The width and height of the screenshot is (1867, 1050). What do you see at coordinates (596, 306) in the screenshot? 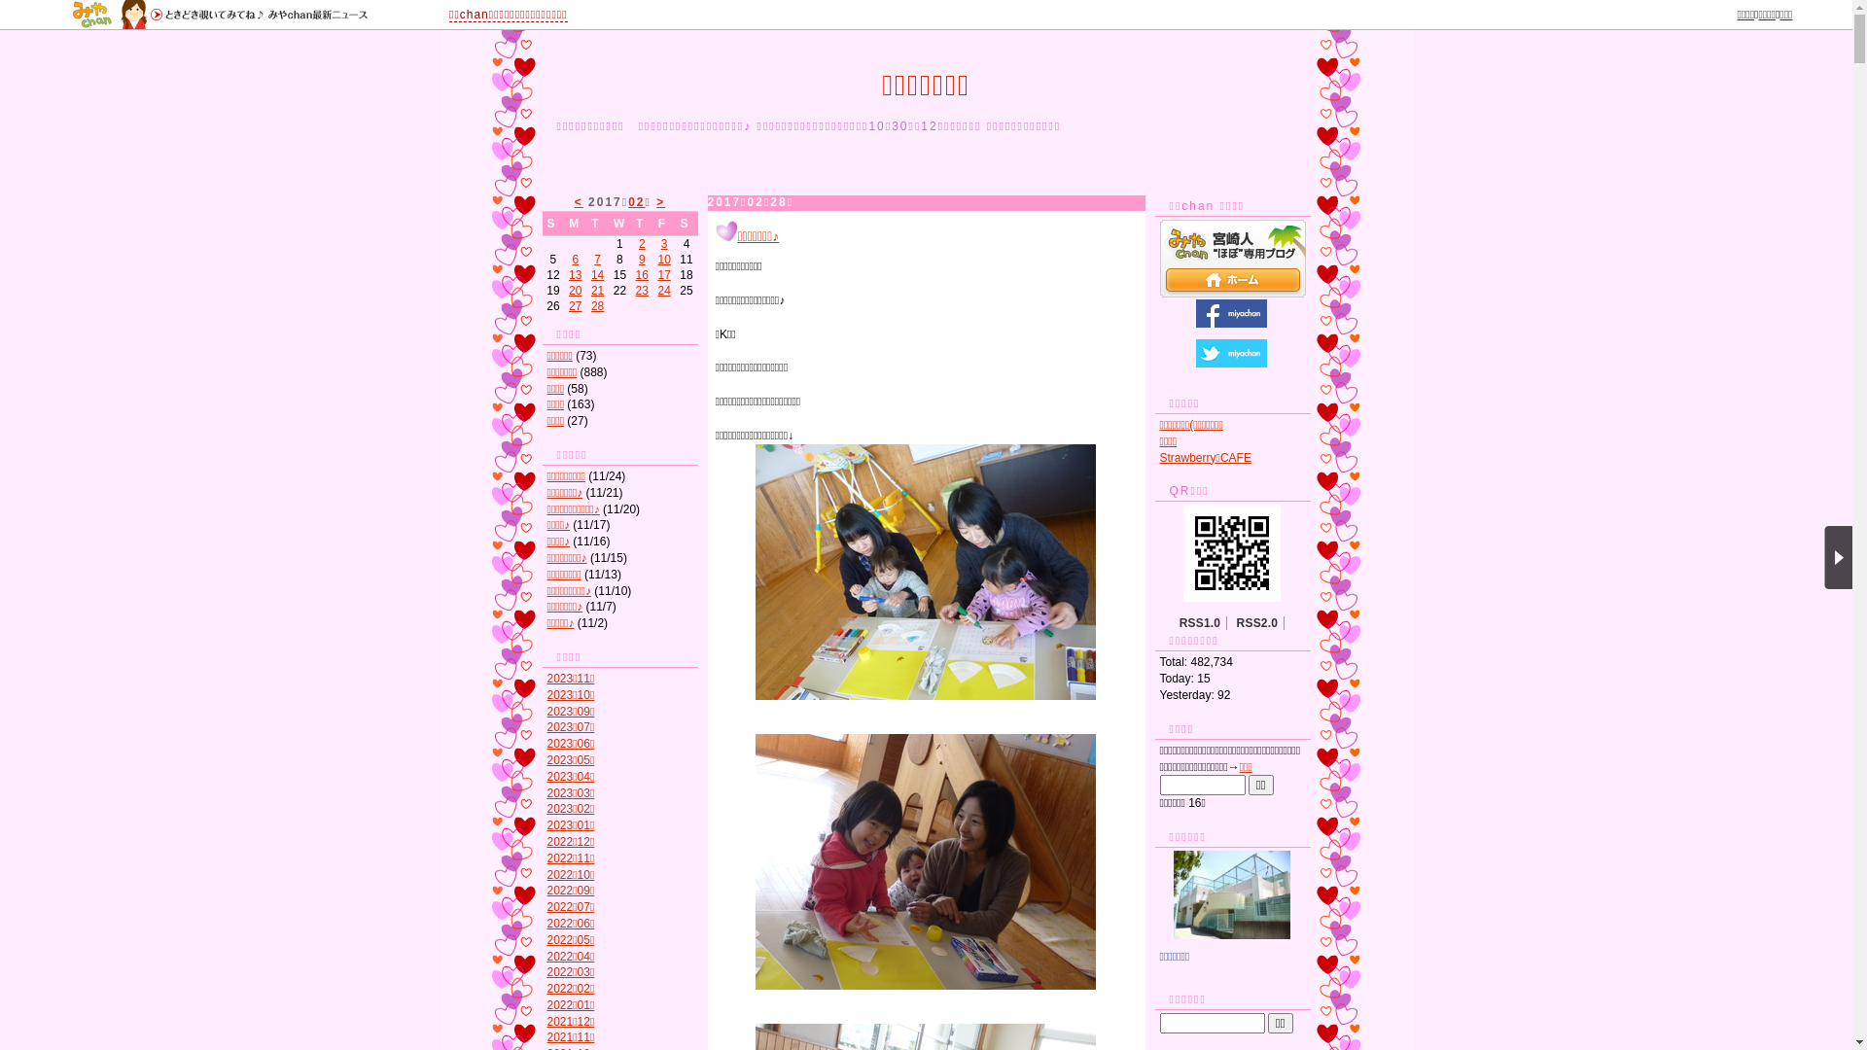
I see `'28'` at bounding box center [596, 306].